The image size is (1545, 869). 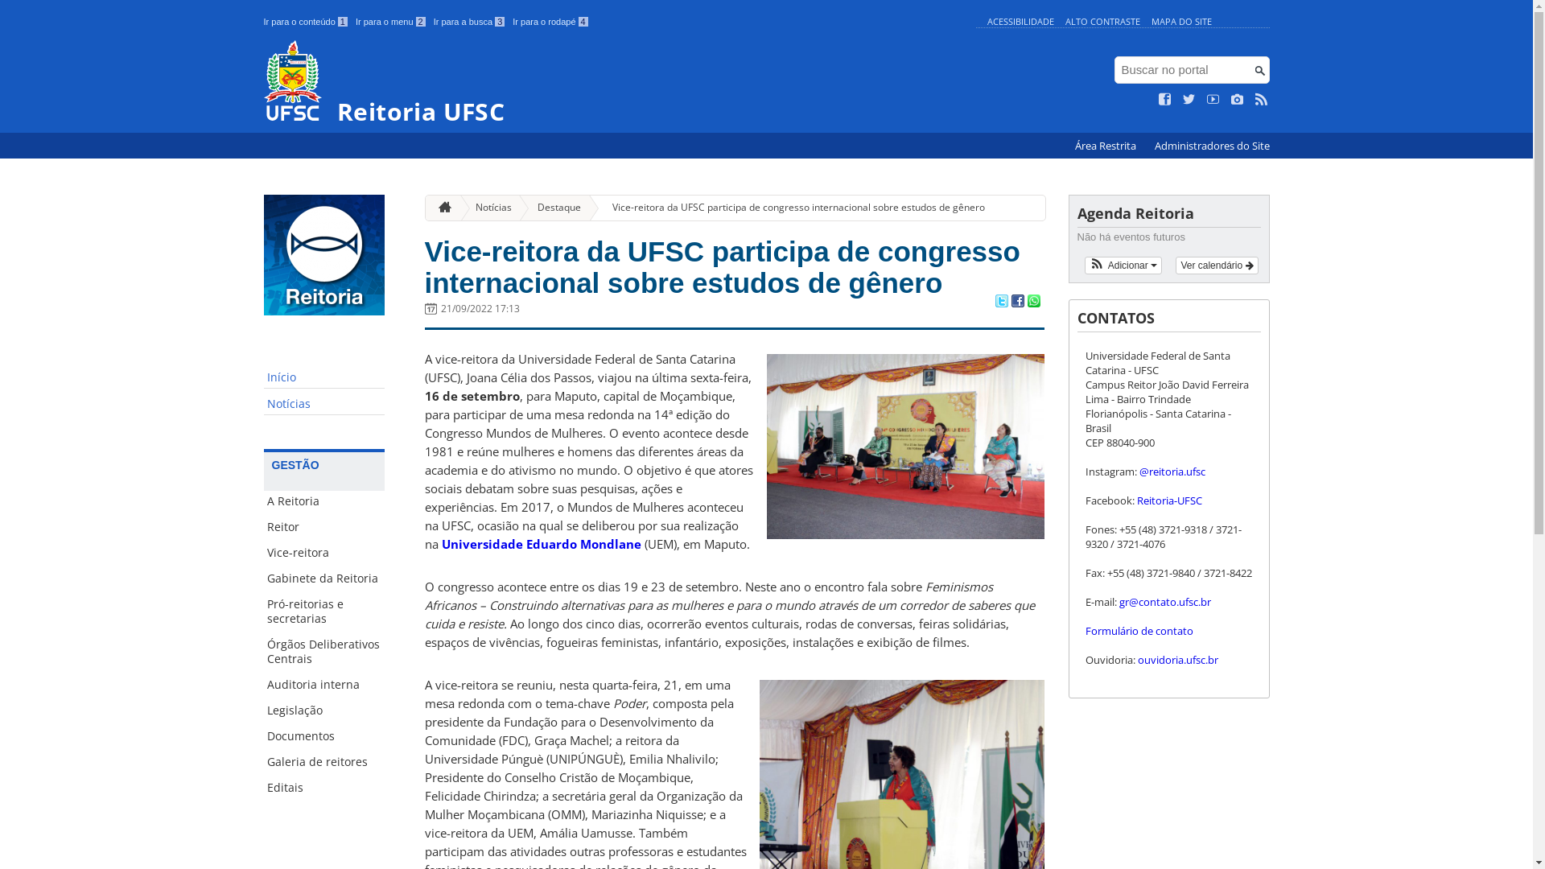 What do you see at coordinates (1178, 660) in the screenshot?
I see `'ouvidoria.ufsc.br'` at bounding box center [1178, 660].